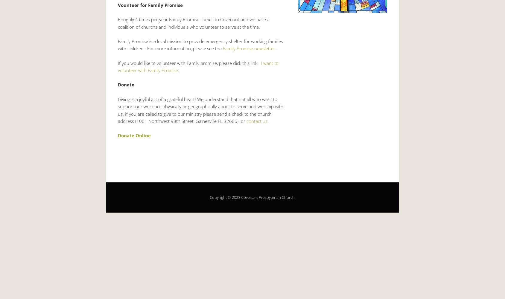 This screenshot has height=299, width=505. I want to click on 'Family Promise is a local mission to provide emergency shelter for working families with children.  For more information, please see the', so click(200, 45).